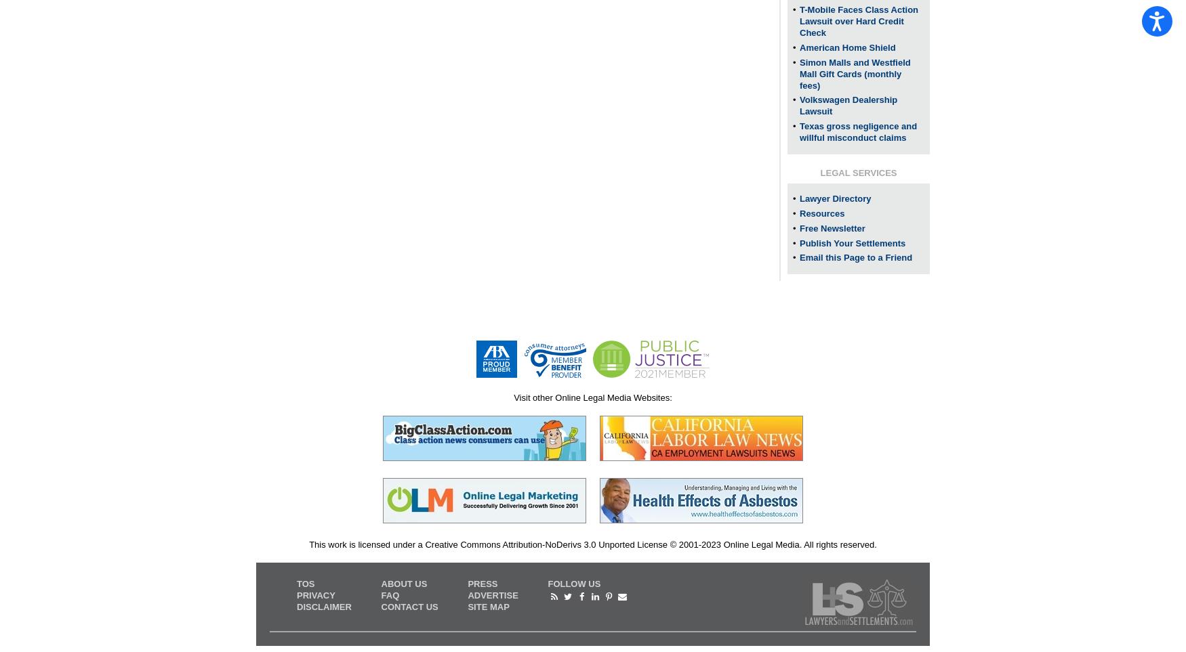  What do you see at coordinates (821, 213) in the screenshot?
I see `'Resources'` at bounding box center [821, 213].